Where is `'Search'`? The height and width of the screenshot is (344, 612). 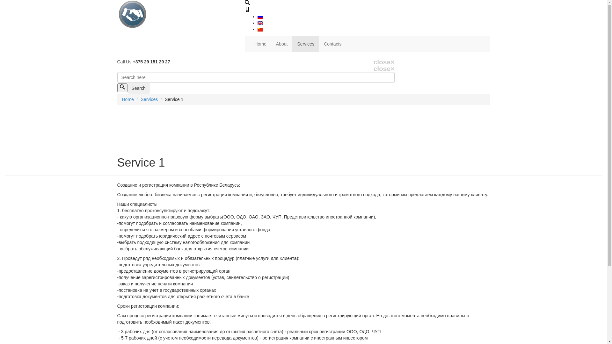
'Search' is located at coordinates (138, 88).